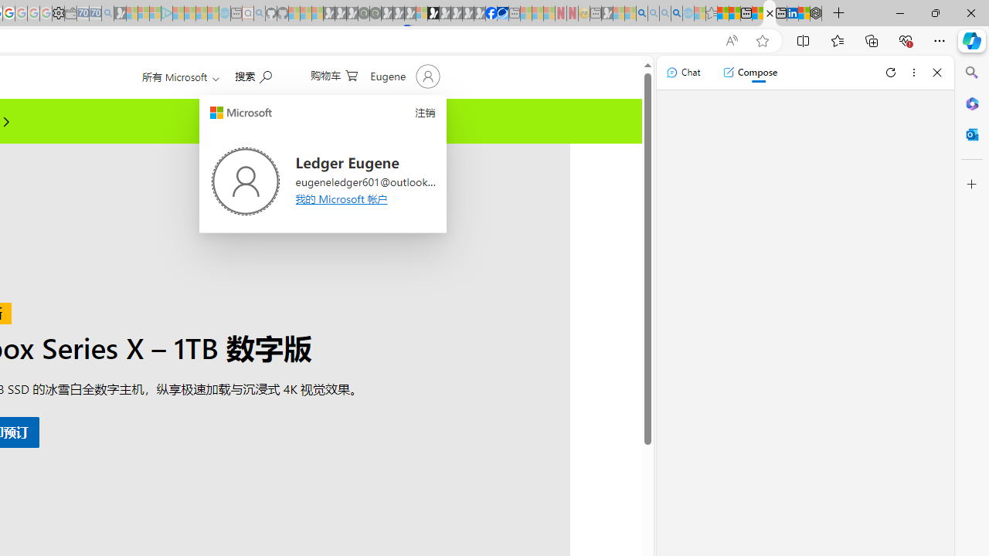  Describe the element at coordinates (971, 39) in the screenshot. I see `'Copilot (Ctrl+Shift+.)'` at that location.